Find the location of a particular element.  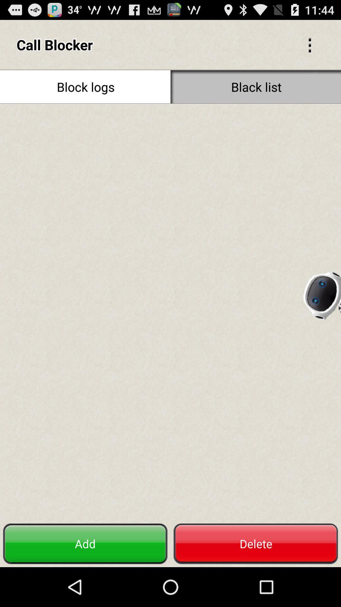

the item next to delete button is located at coordinates (85, 543).